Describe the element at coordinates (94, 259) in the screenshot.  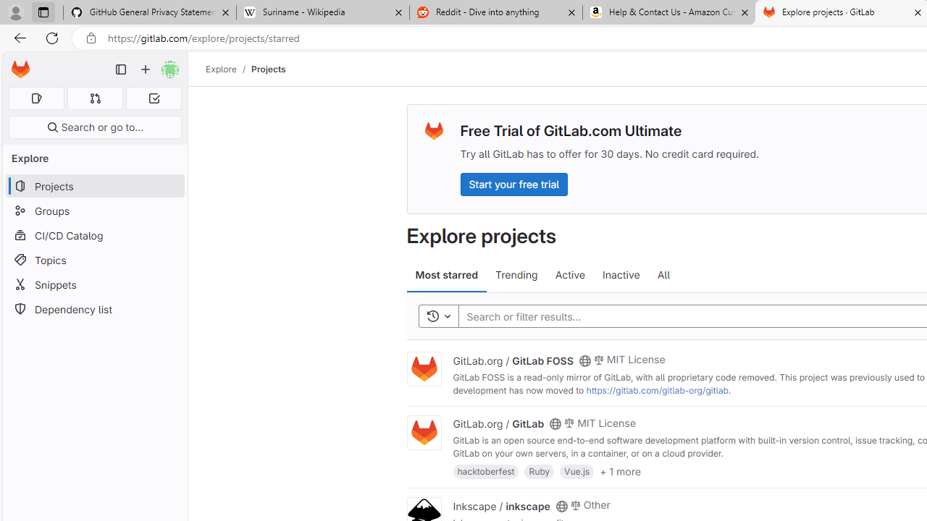
I see `'Topics'` at that location.